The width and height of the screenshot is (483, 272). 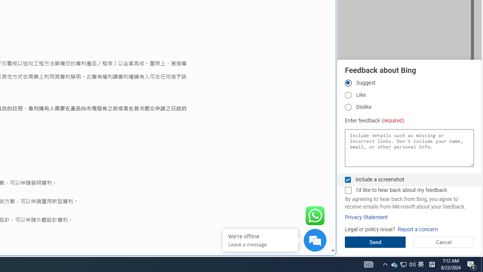 What do you see at coordinates (443, 242) in the screenshot?
I see `'Cancel'` at bounding box center [443, 242].